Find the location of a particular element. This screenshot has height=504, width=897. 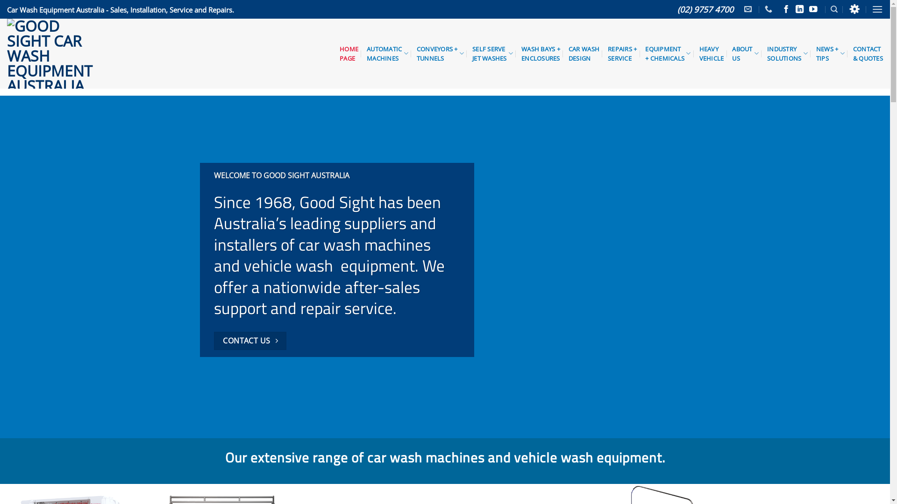

'AUTOMATIC is located at coordinates (366, 54).